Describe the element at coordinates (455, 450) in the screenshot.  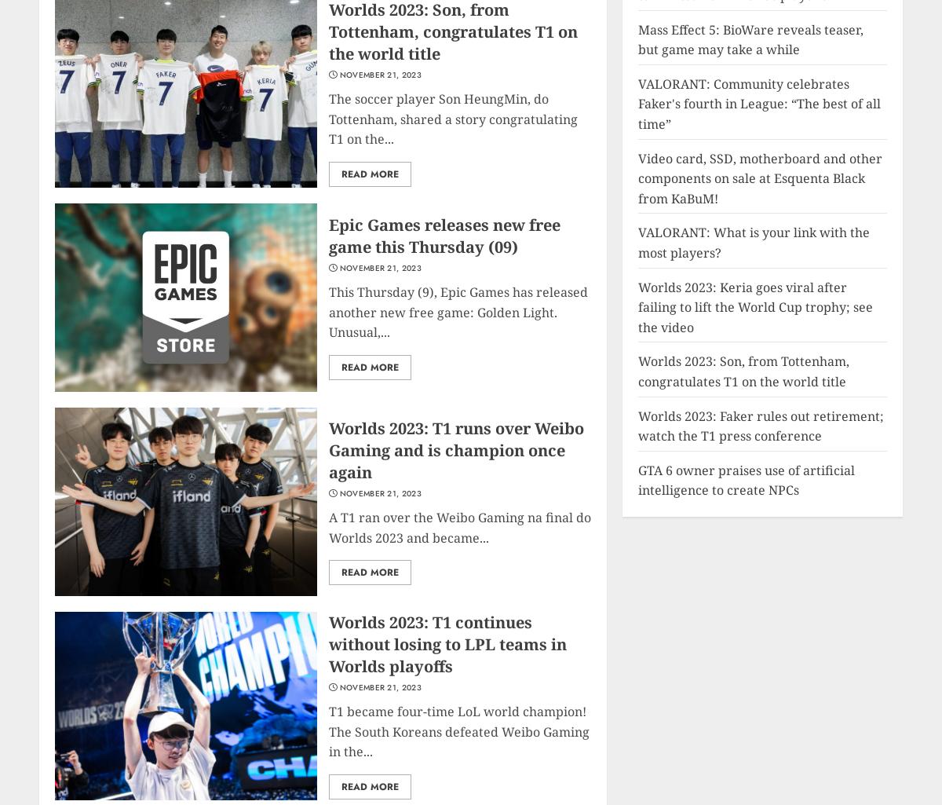
I see `'Worlds 2023: T1 runs over Weibo Gaming and is champion once again'` at that location.